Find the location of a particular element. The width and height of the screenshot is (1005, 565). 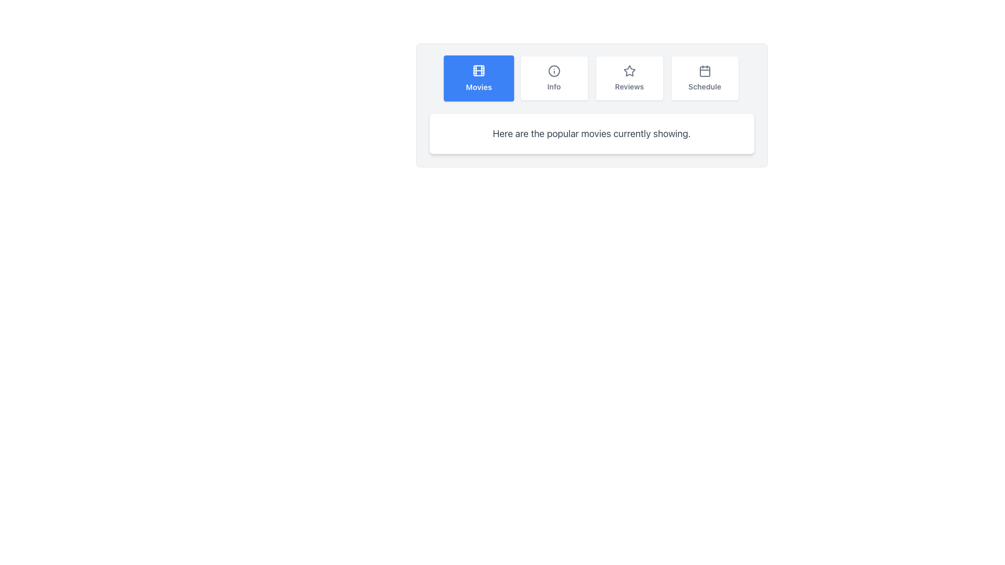

the navigation button for accessing the Reviews section, which is the third button from the left in a horizontal arrangement of four buttons, located between the 'Info' and 'Schedule' buttons is located at coordinates (629, 78).